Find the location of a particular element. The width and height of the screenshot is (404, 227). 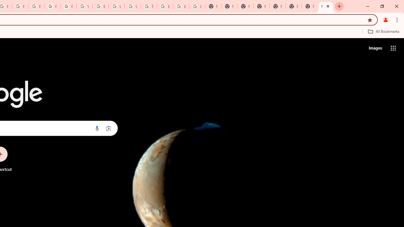

'New Tab' is located at coordinates (326, 6).